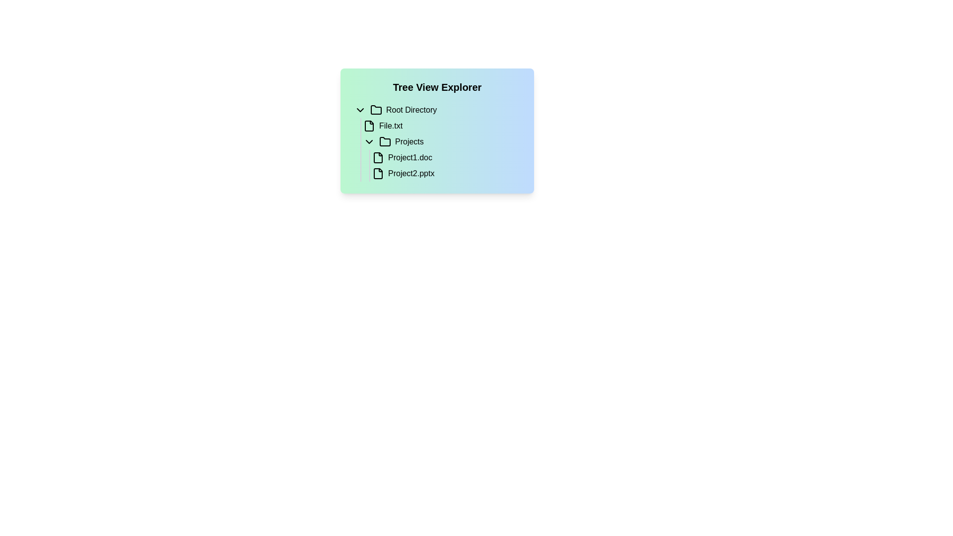 This screenshot has width=953, height=536. Describe the element at coordinates (369, 126) in the screenshot. I see `the file document icon located next to the text 'File.txt' in the tree-like navigation interface` at that location.